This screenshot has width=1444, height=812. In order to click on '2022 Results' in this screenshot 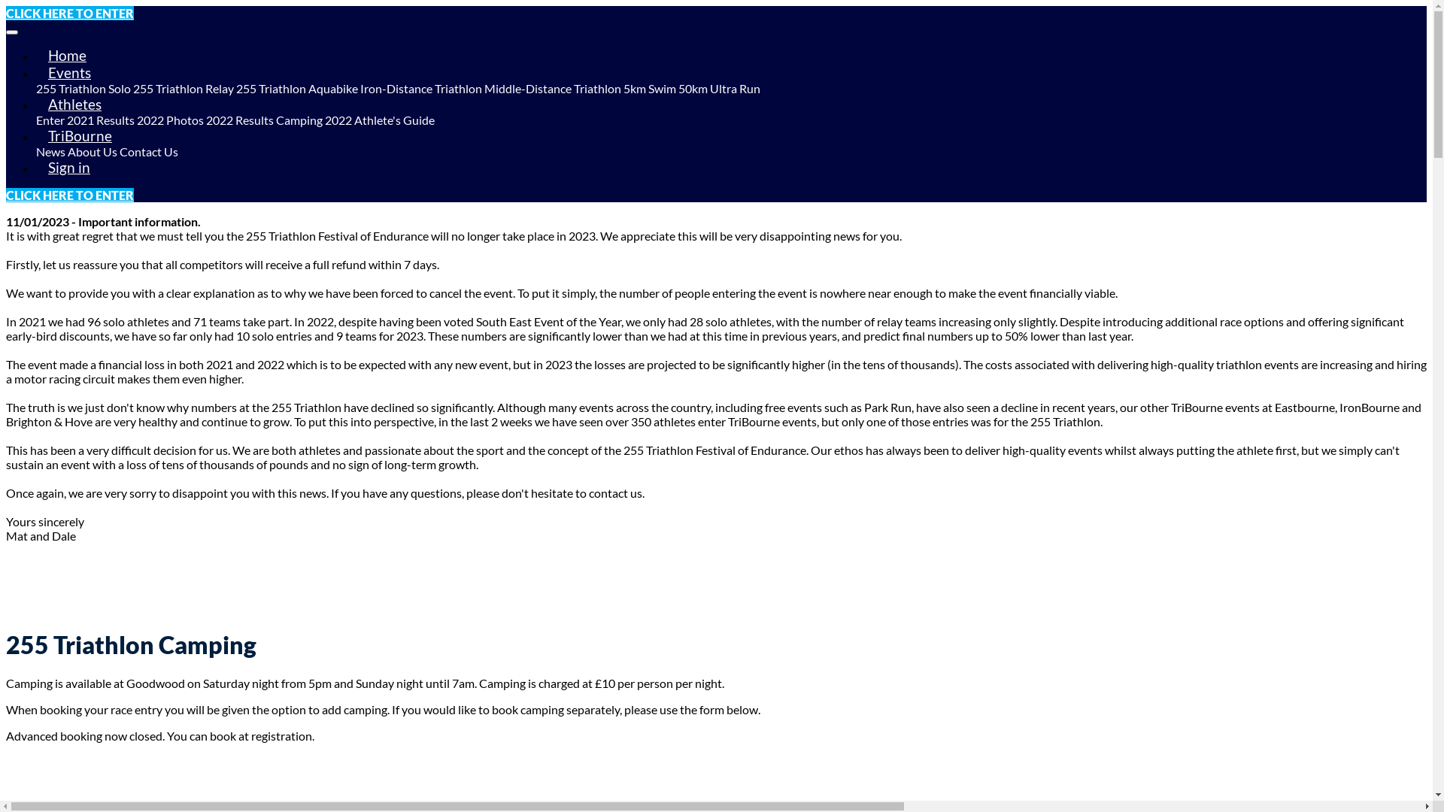, I will do `click(238, 119)`.